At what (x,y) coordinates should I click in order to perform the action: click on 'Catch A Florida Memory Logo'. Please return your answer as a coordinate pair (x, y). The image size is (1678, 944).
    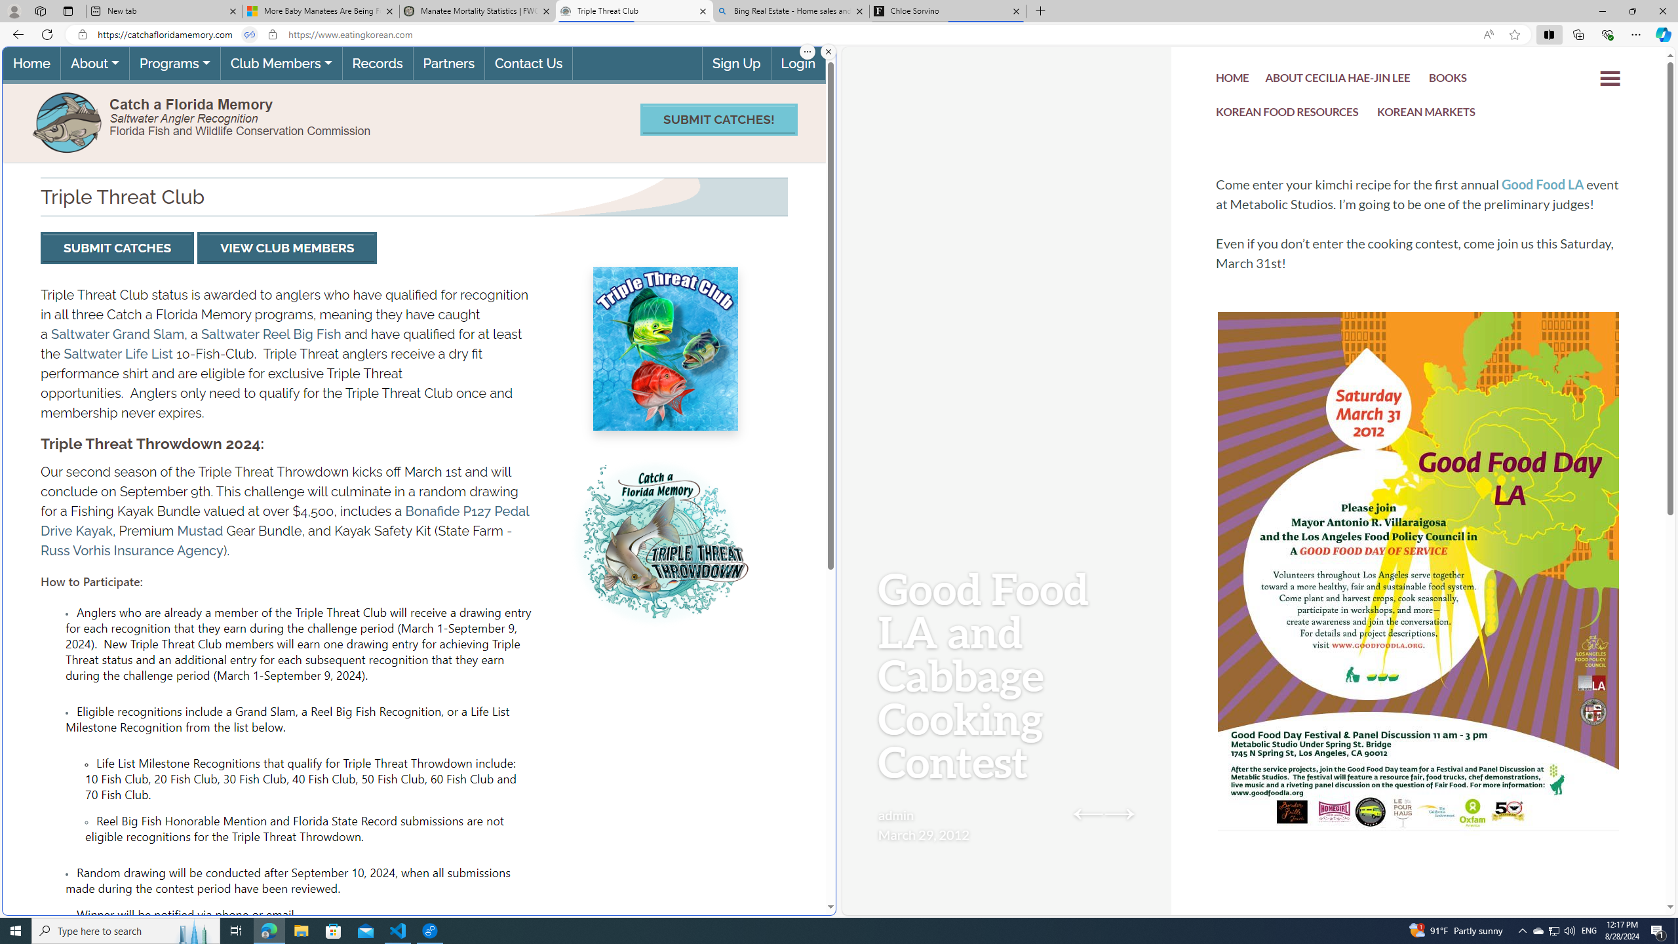
    Looking at the image, I should click on (67, 120).